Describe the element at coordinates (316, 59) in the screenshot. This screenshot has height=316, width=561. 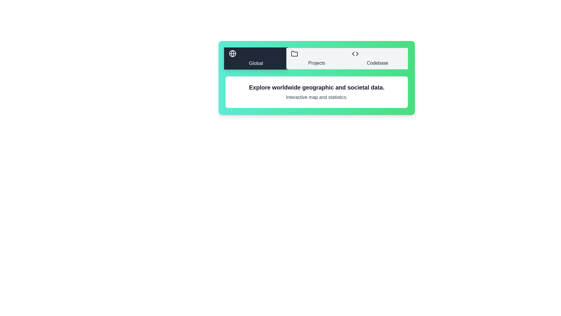
I see `the Projects tab` at that location.